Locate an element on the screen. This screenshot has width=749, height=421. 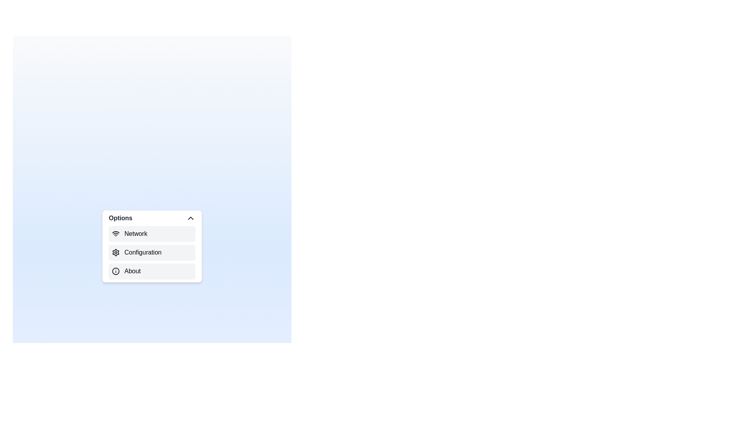
the menu item labeled Network to explore its options is located at coordinates (152, 233).